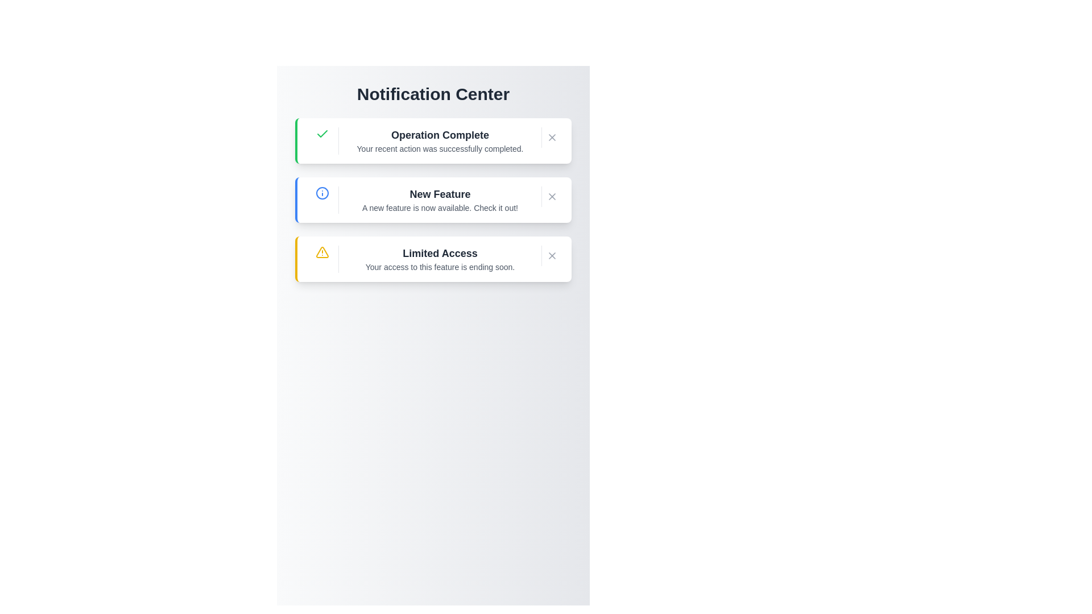 This screenshot has height=614, width=1092. What do you see at coordinates (552, 196) in the screenshot?
I see `the close button located at the top-right corner of the 'New Feature' notification box` at bounding box center [552, 196].